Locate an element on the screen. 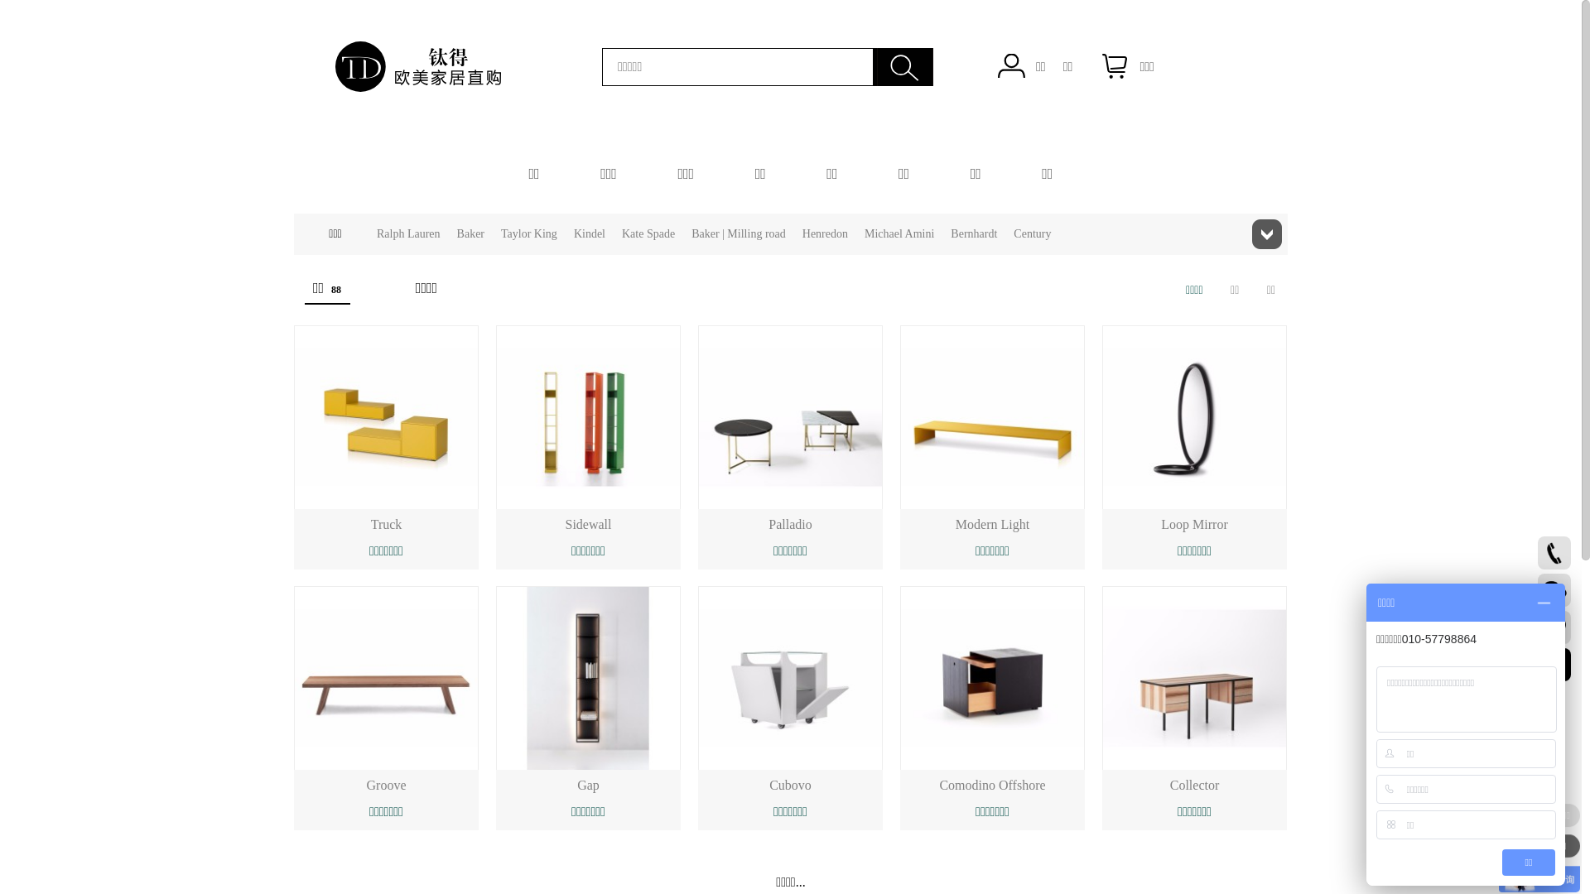  'Taylor King' is located at coordinates (528, 233).